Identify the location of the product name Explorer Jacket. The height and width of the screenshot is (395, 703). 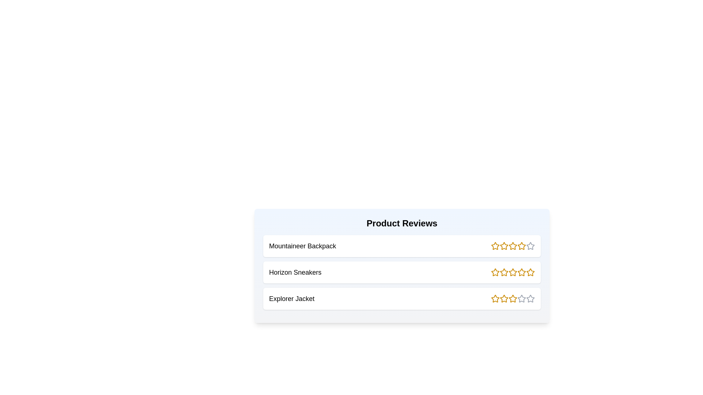
(291, 299).